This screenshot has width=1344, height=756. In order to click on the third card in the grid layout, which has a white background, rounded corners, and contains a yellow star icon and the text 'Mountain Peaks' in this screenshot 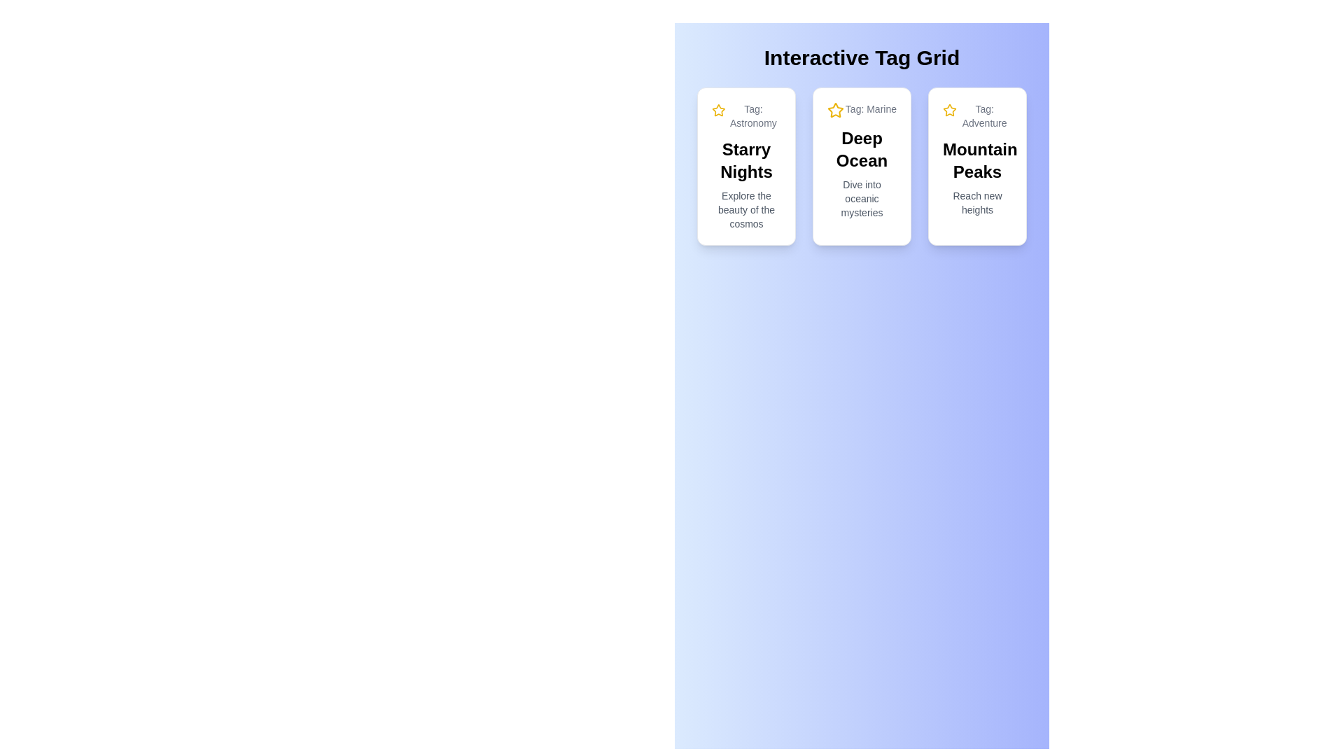, I will do `click(976, 166)`.